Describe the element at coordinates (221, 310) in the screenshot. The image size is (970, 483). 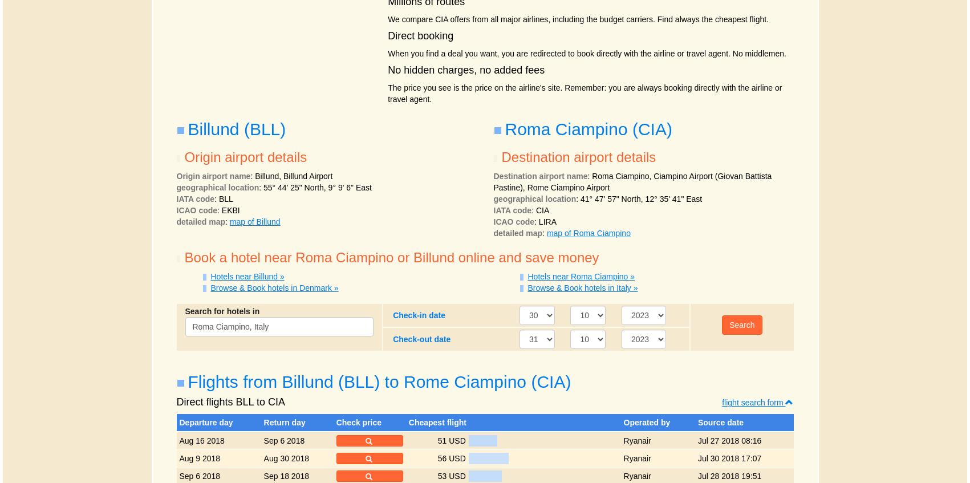
I see `'Search for hotels in'` at that location.